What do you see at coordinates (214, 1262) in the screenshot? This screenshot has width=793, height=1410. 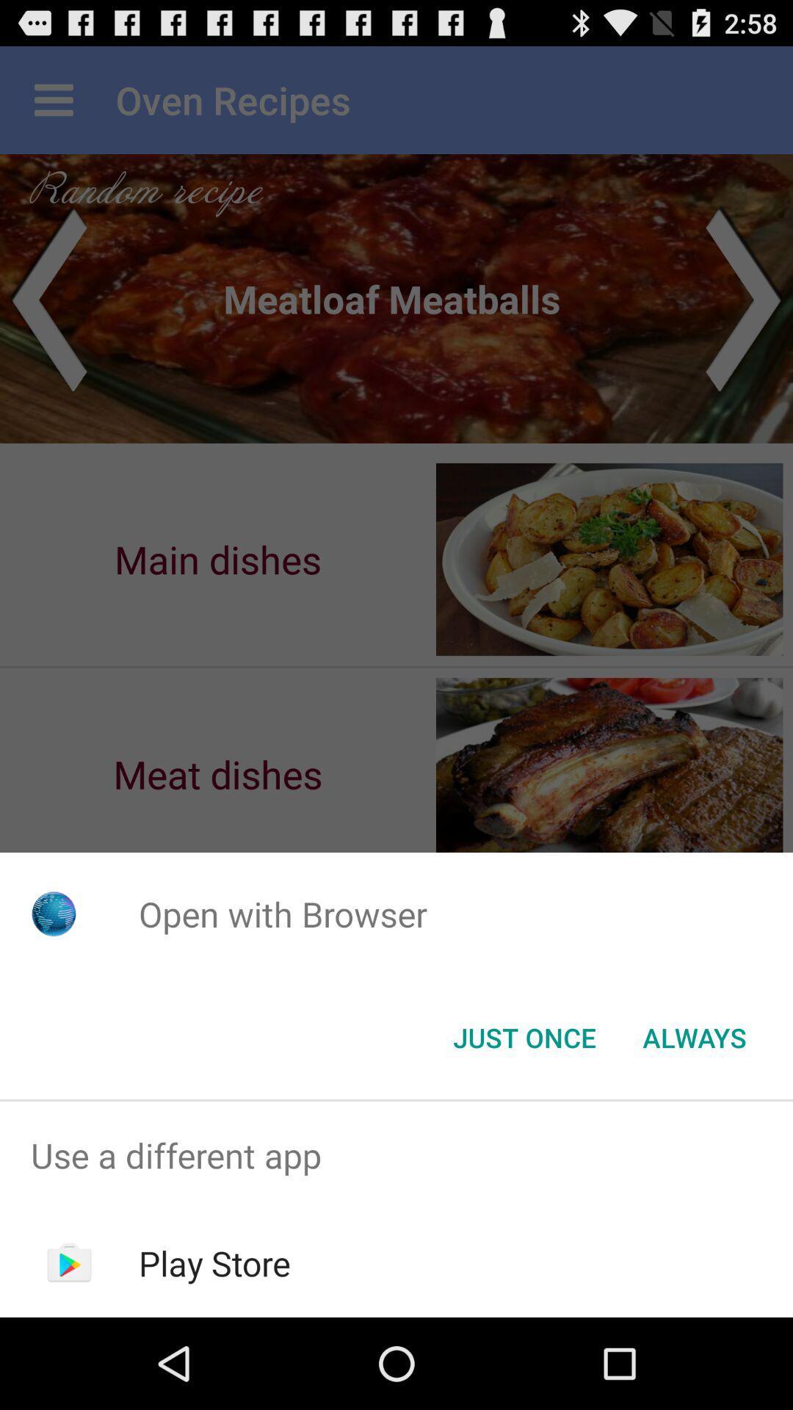 I see `play store item` at bounding box center [214, 1262].